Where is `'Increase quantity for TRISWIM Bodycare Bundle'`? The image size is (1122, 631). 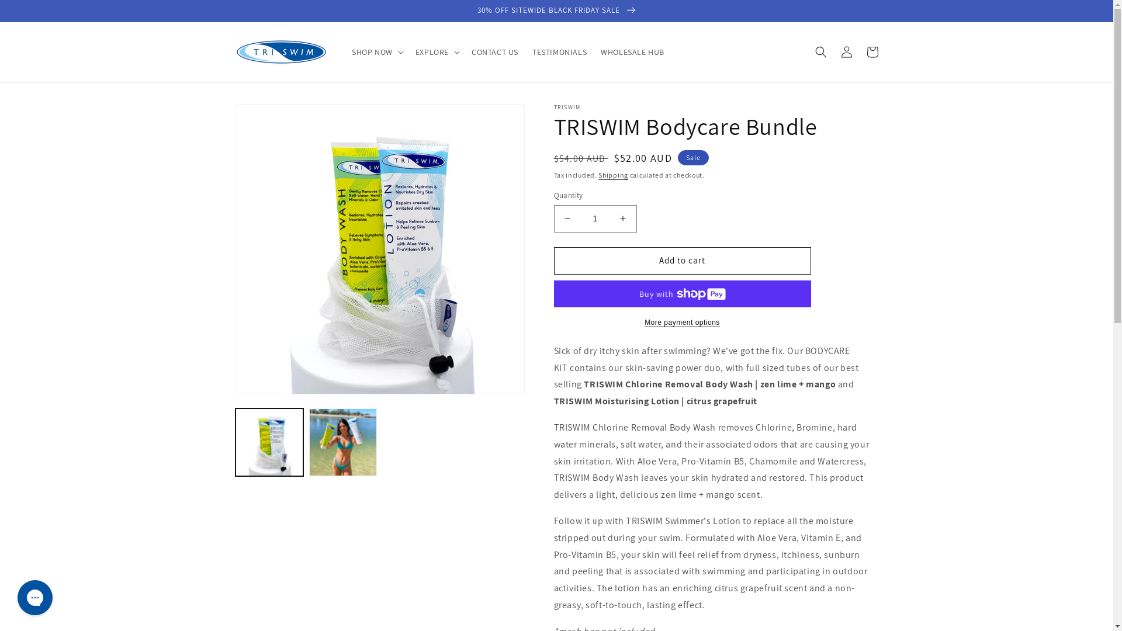 'Increase quantity for TRISWIM Bodycare Bundle' is located at coordinates (622, 219).